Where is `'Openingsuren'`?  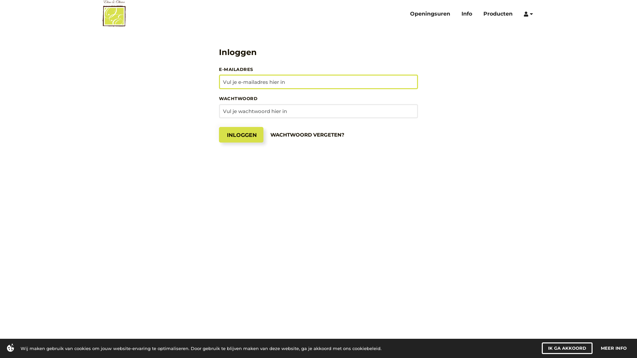 'Openingsuren' is located at coordinates (434, 13).